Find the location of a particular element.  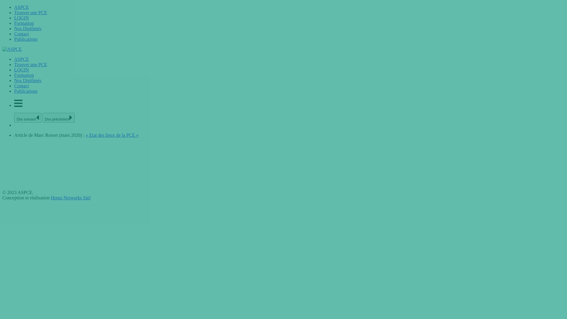

'ASPCE' is located at coordinates (21, 59).